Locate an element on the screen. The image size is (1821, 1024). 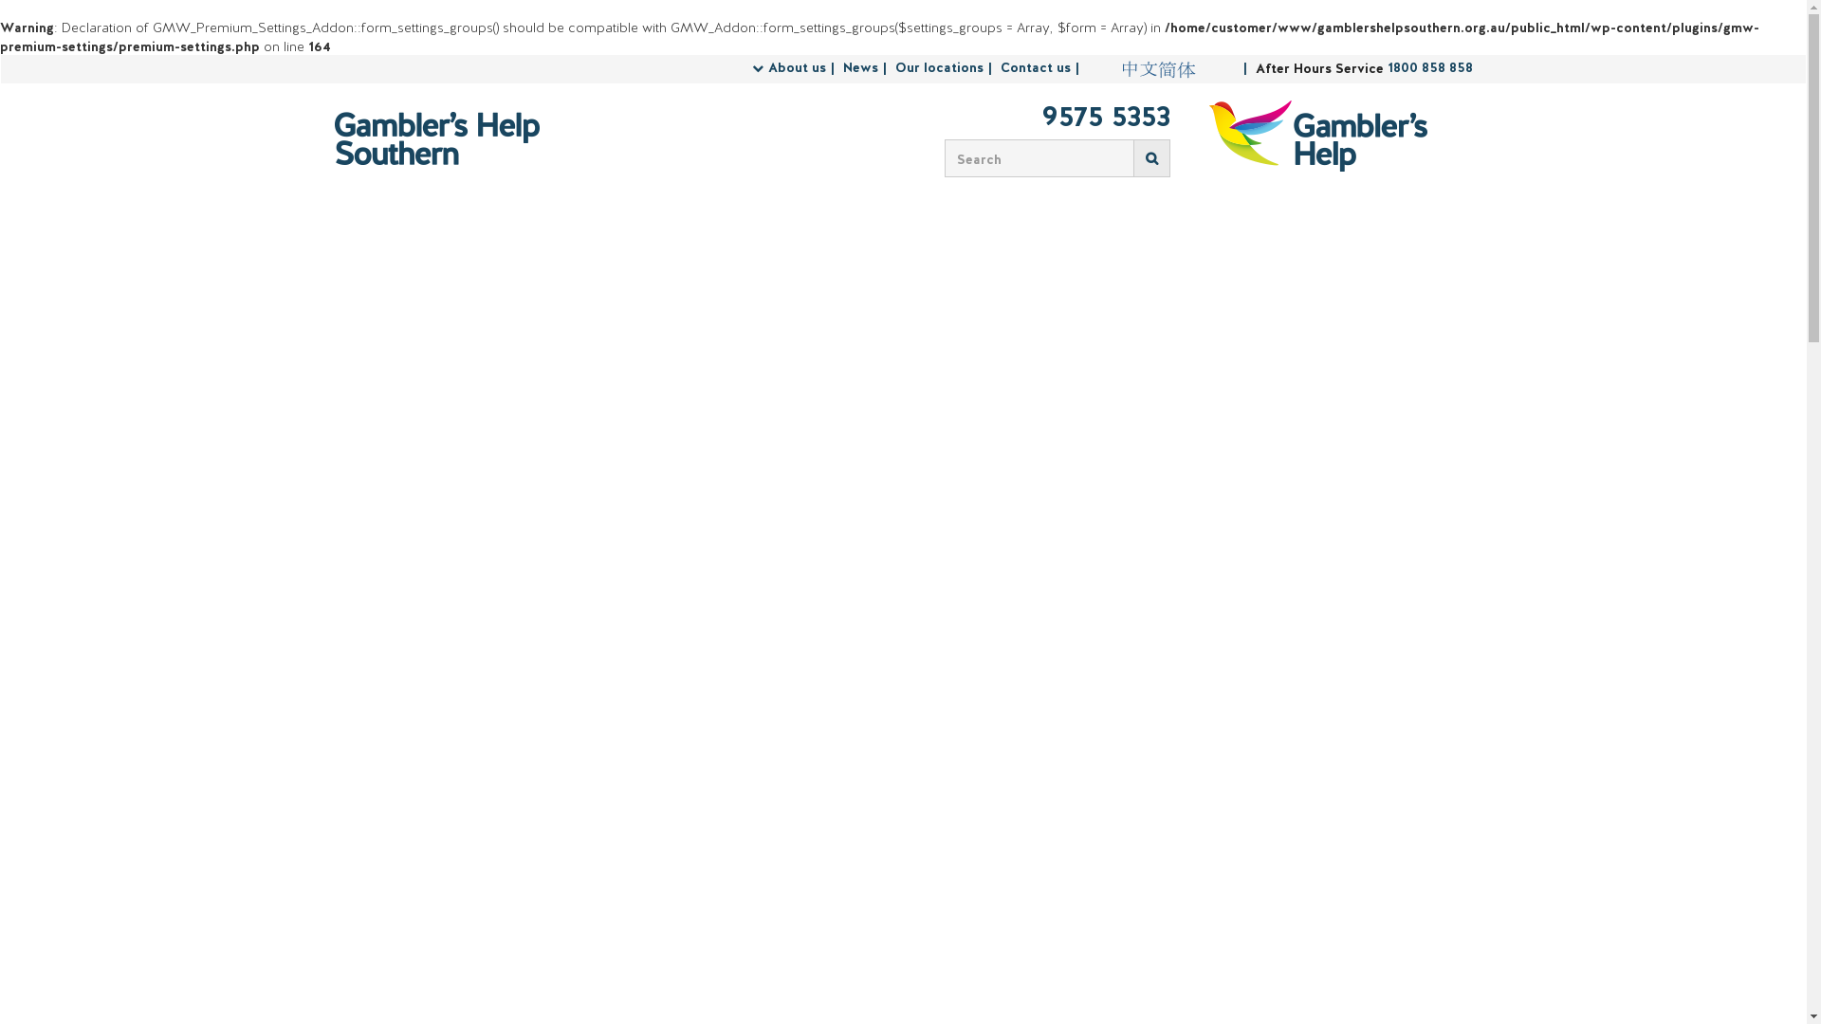
'9575 5353' is located at coordinates (1049, 118).